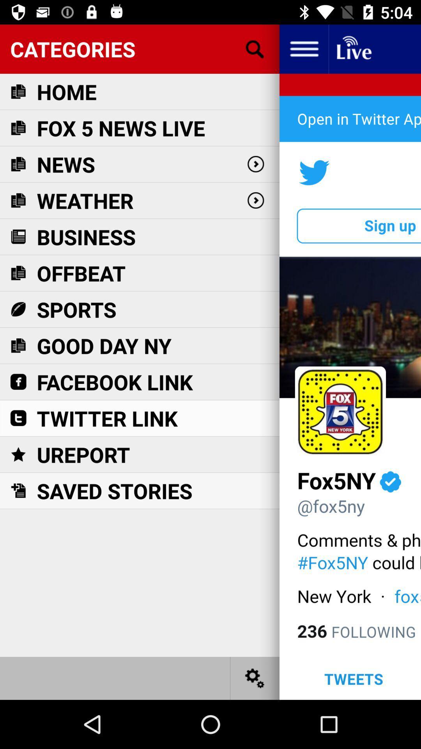 This screenshot has width=421, height=749. I want to click on the settings icon, so click(255, 678).